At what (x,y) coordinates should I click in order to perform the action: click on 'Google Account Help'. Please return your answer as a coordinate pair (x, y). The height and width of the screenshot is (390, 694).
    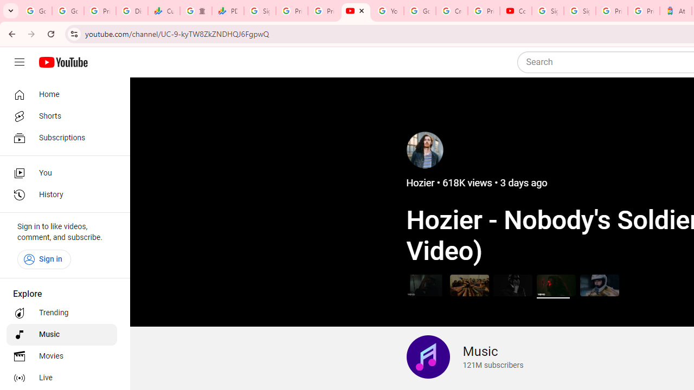
    Looking at the image, I should click on (419, 11).